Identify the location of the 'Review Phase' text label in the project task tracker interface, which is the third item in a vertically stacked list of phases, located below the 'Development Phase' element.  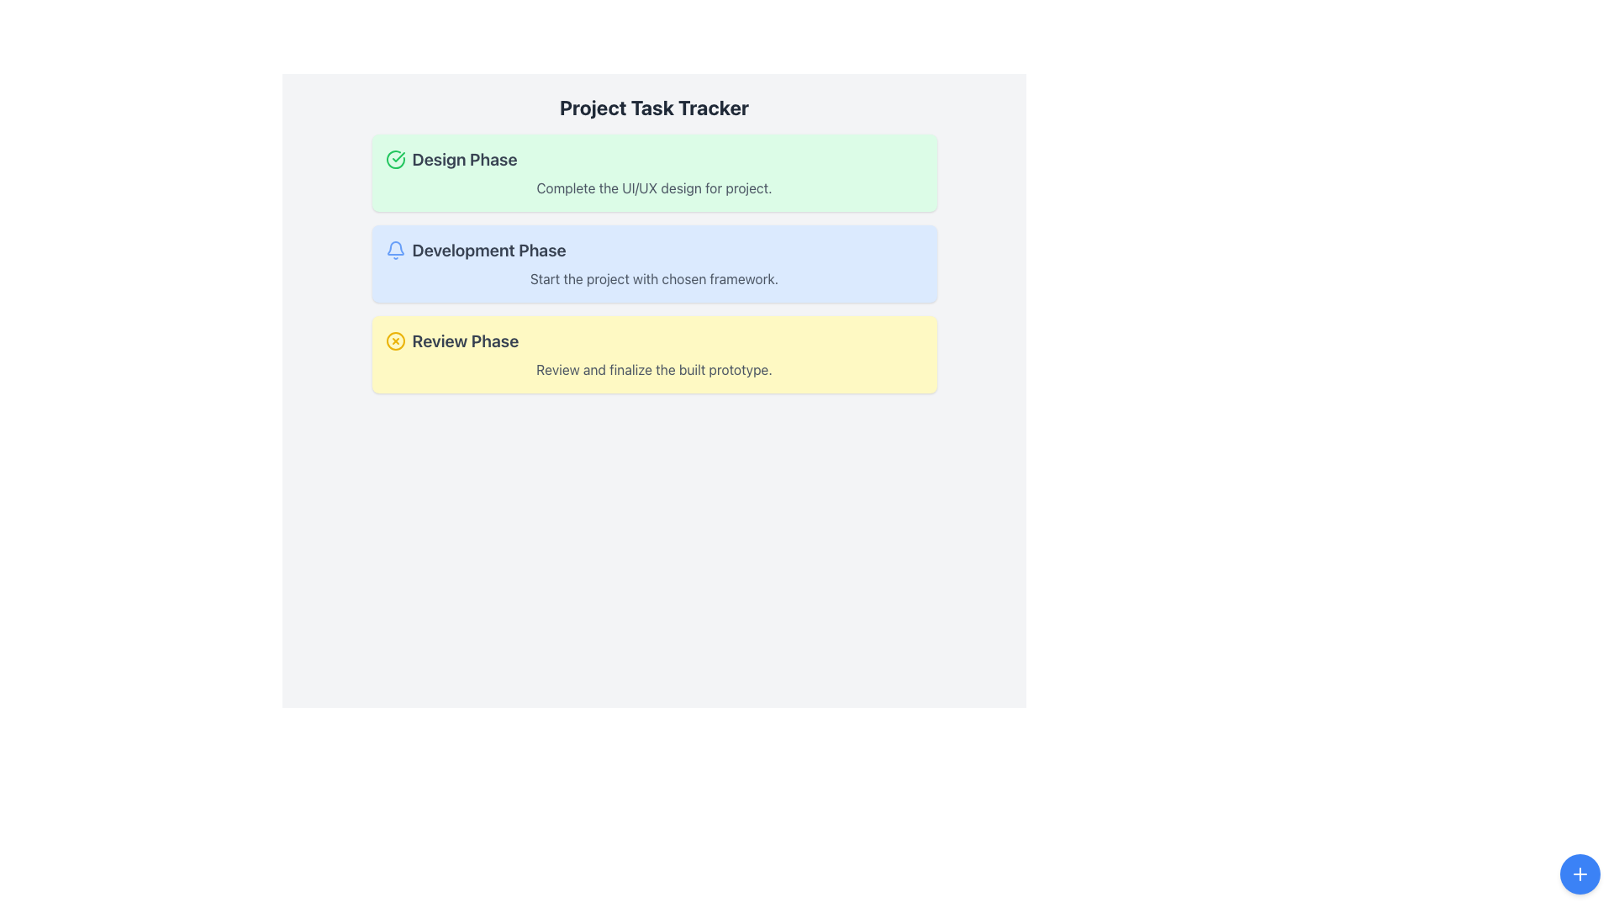
(465, 340).